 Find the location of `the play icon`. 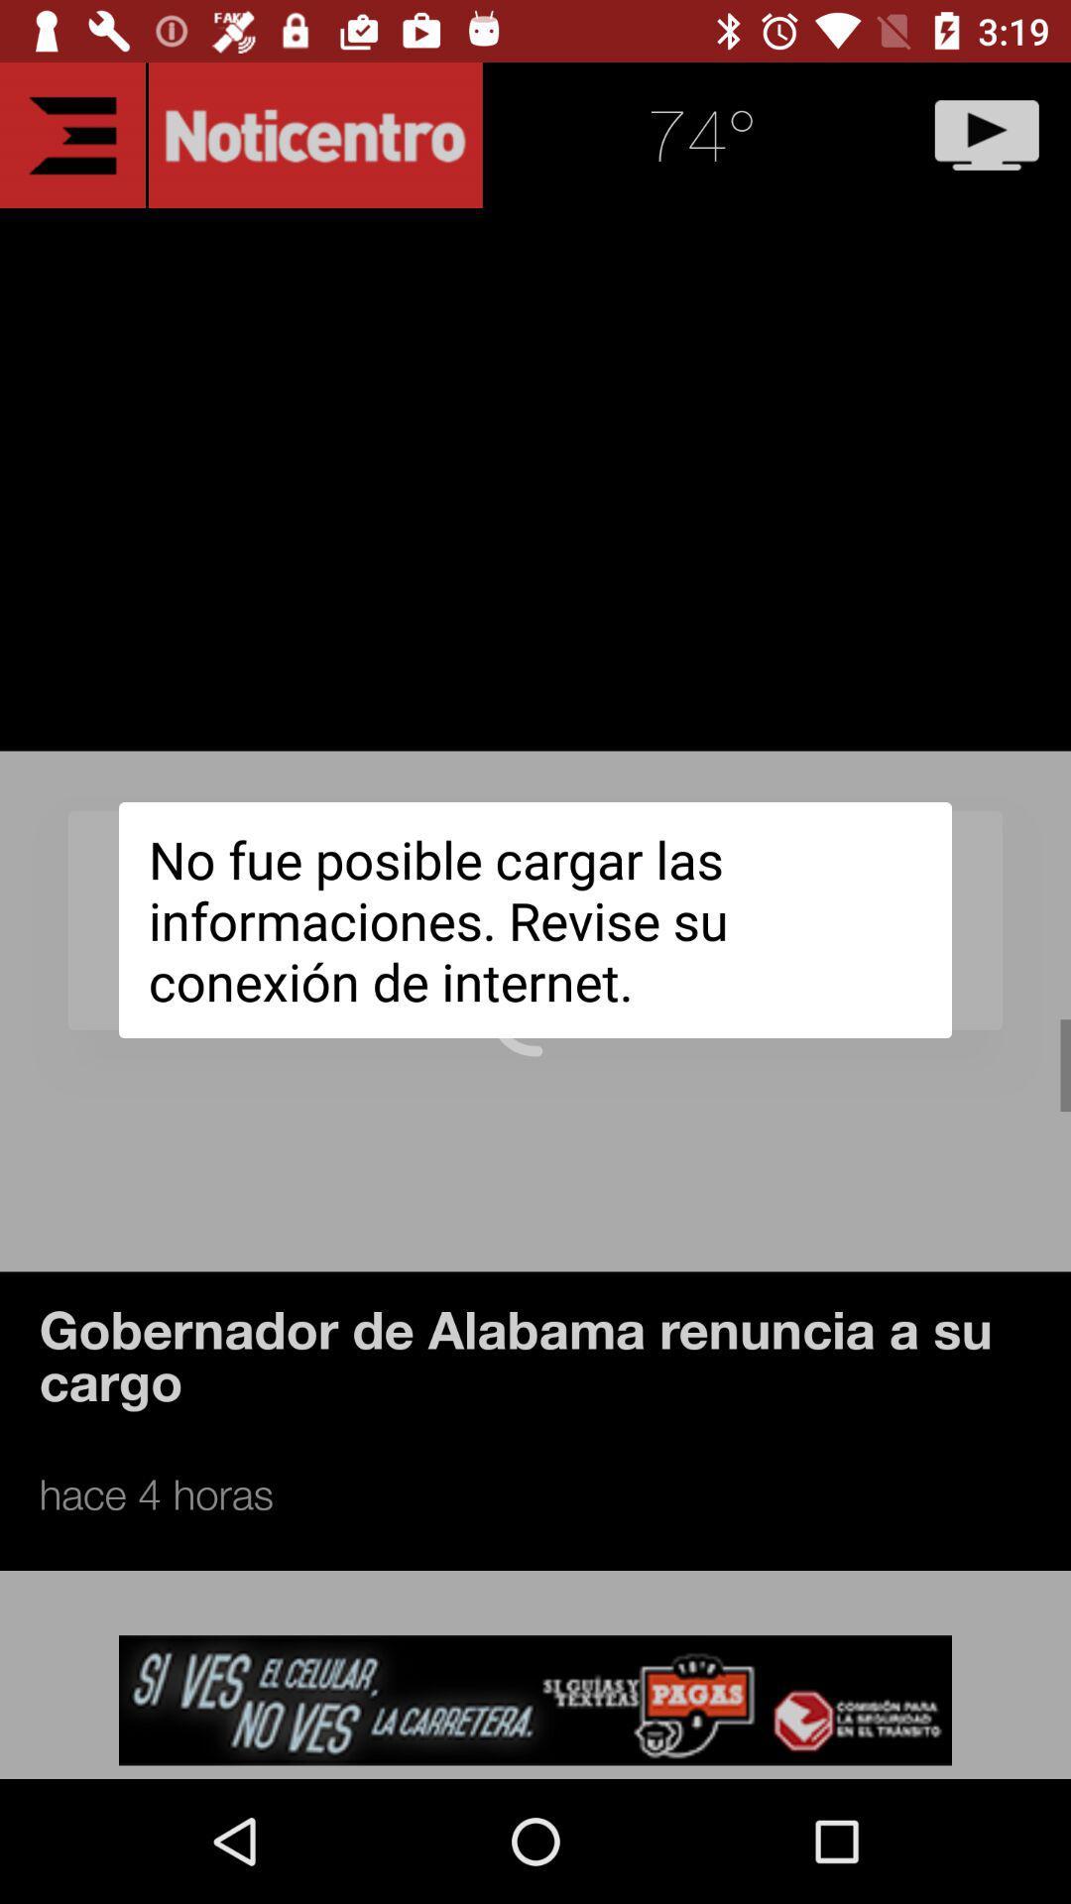

the play icon is located at coordinates (987, 134).